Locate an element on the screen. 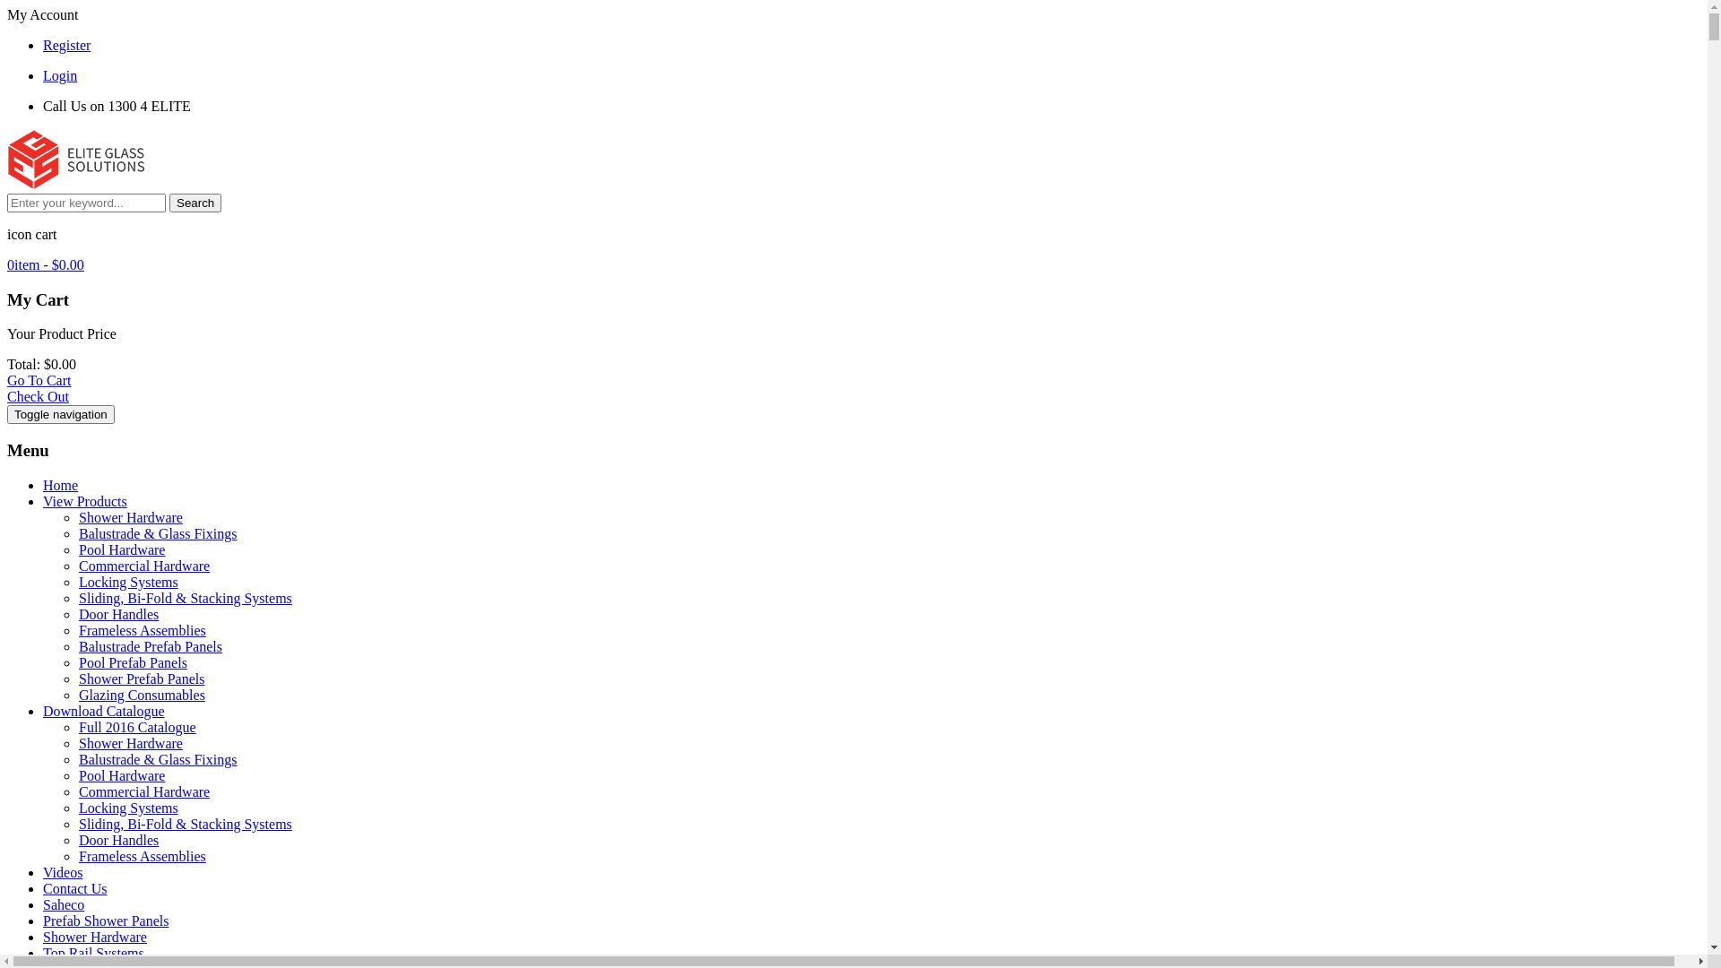  'Go To Cart' is located at coordinates (39, 379).